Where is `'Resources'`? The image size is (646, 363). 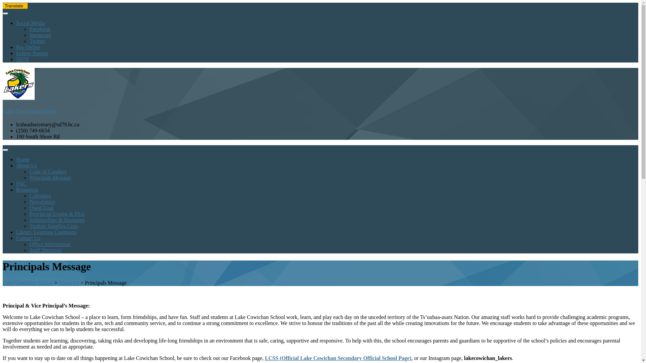 'Resources' is located at coordinates (27, 190).